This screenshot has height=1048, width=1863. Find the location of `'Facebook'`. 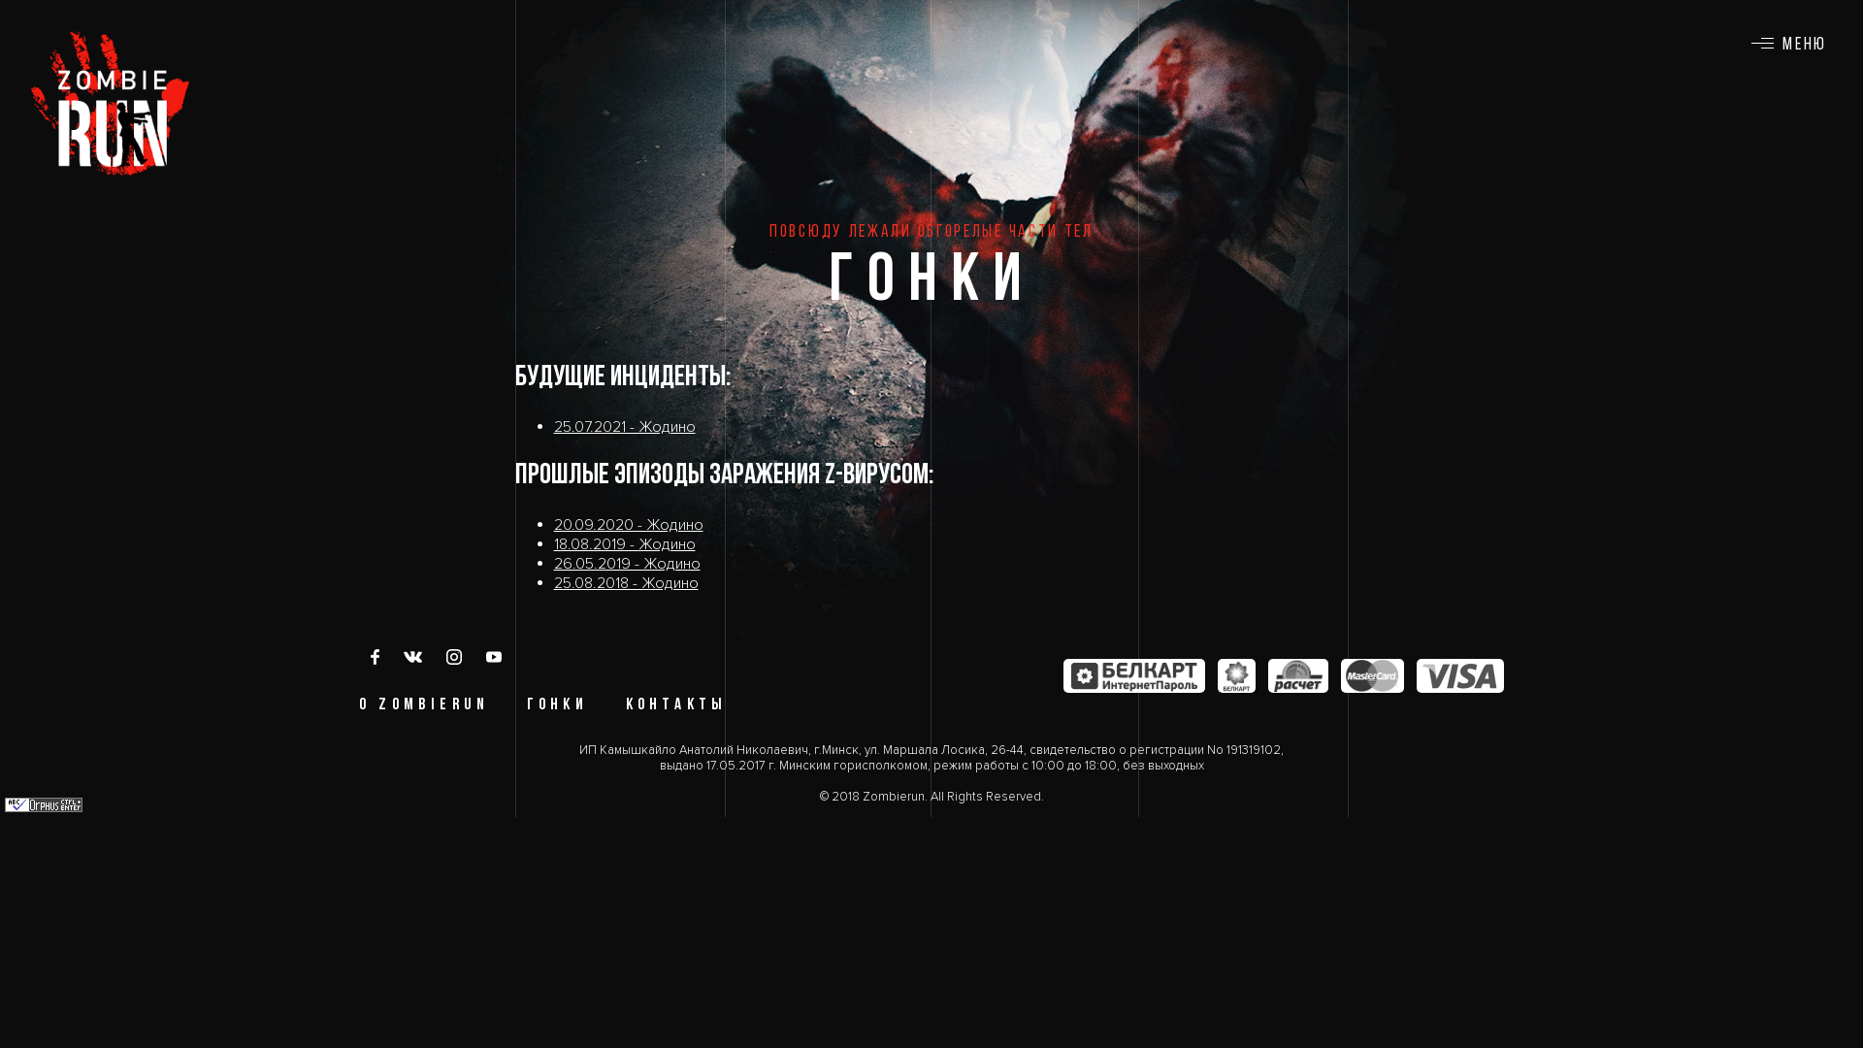

'Facebook' is located at coordinates (376, 656).